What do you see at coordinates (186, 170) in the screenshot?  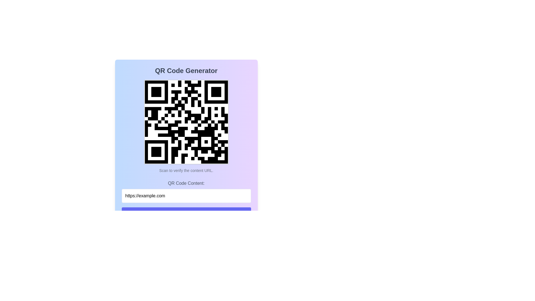 I see `the static text label that describes the purpose of the QR code for content URL verification, positioned directly below the QR code` at bounding box center [186, 170].